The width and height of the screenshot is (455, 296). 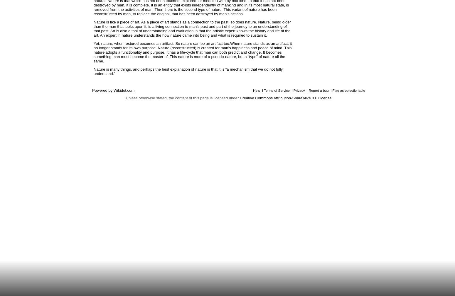 I want to click on 'Help', so click(x=253, y=90).